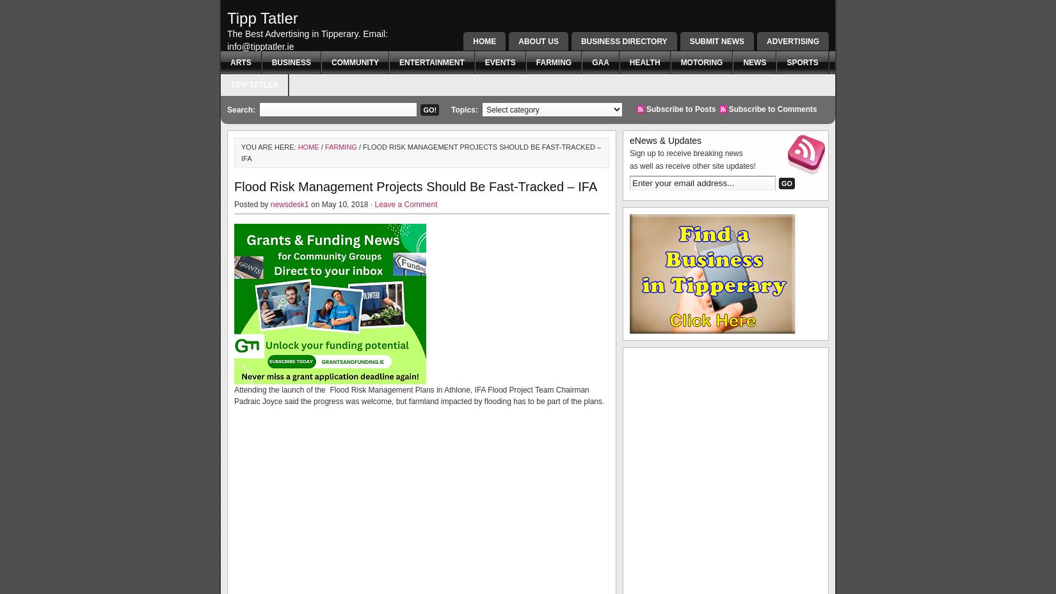 This screenshot has width=1056, height=594. I want to click on 'The Best Advertising in Tipperary. Email: info@tipptatler.ie', so click(307, 39).